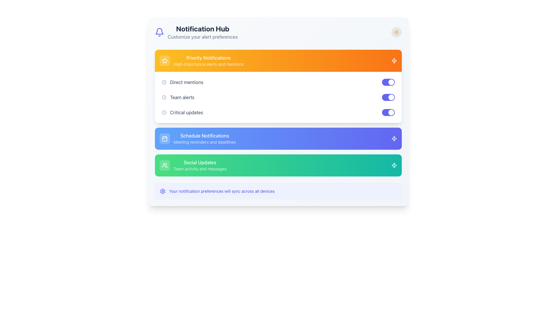 The image size is (559, 314). I want to click on text from the Text Label displaying 'Team alerts', located in the second row of the 'Priority Notifications' section, to the right of the clock icon, so click(182, 97).